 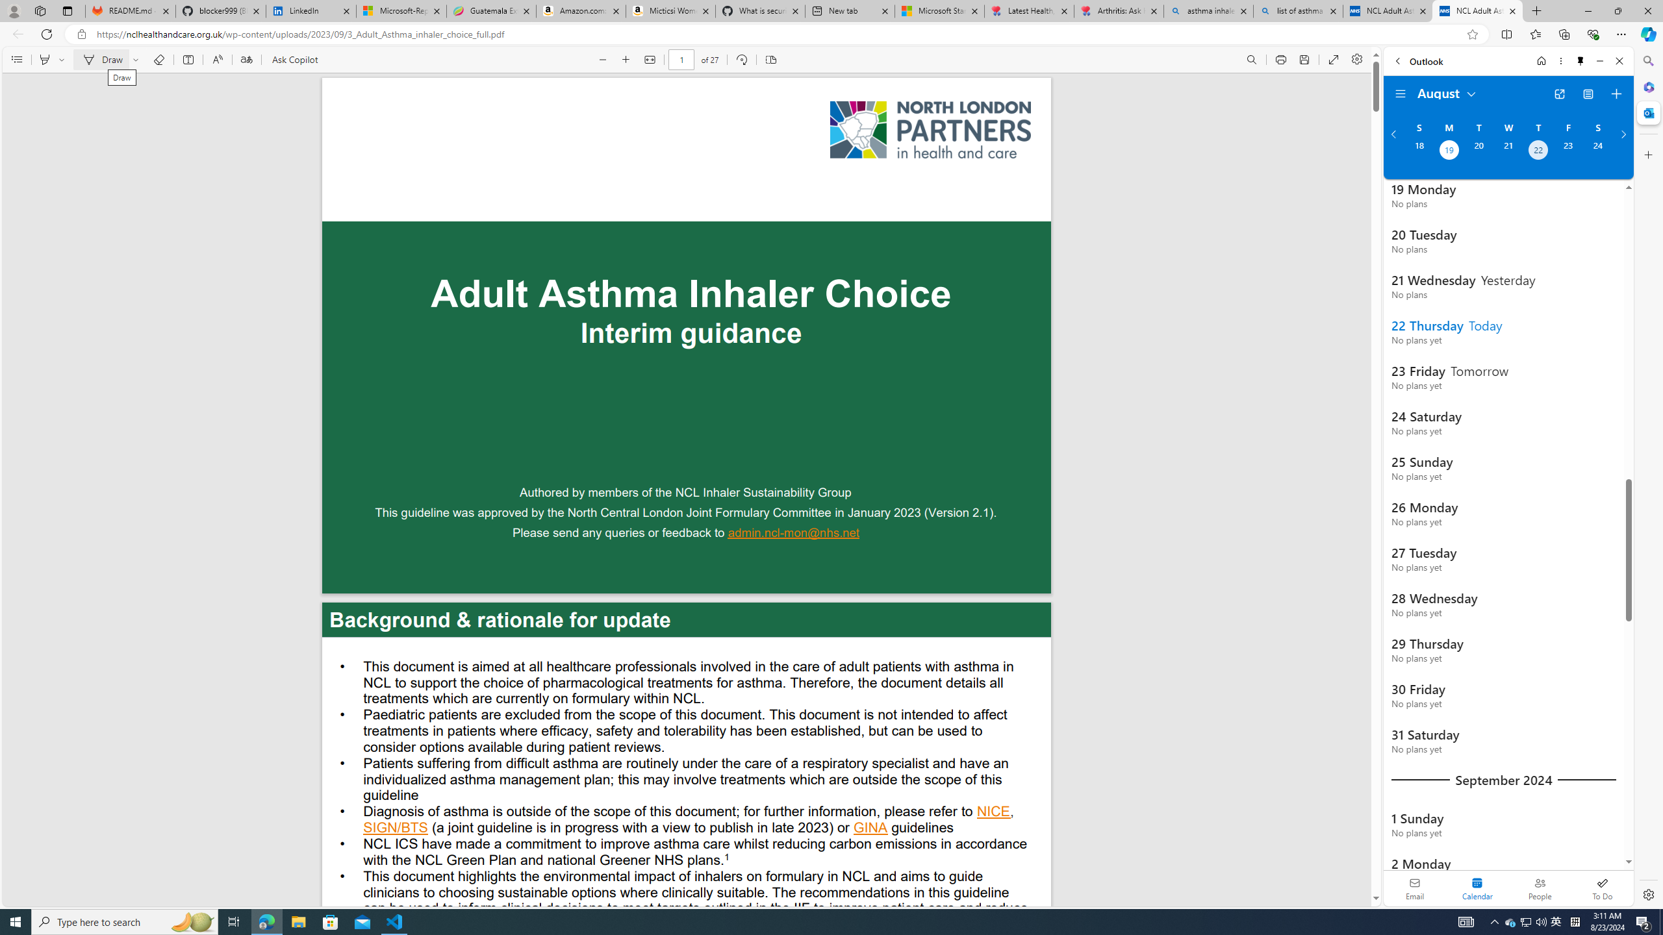 I want to click on 'admin.ncl-mon@nhs.net', so click(x=794, y=534).